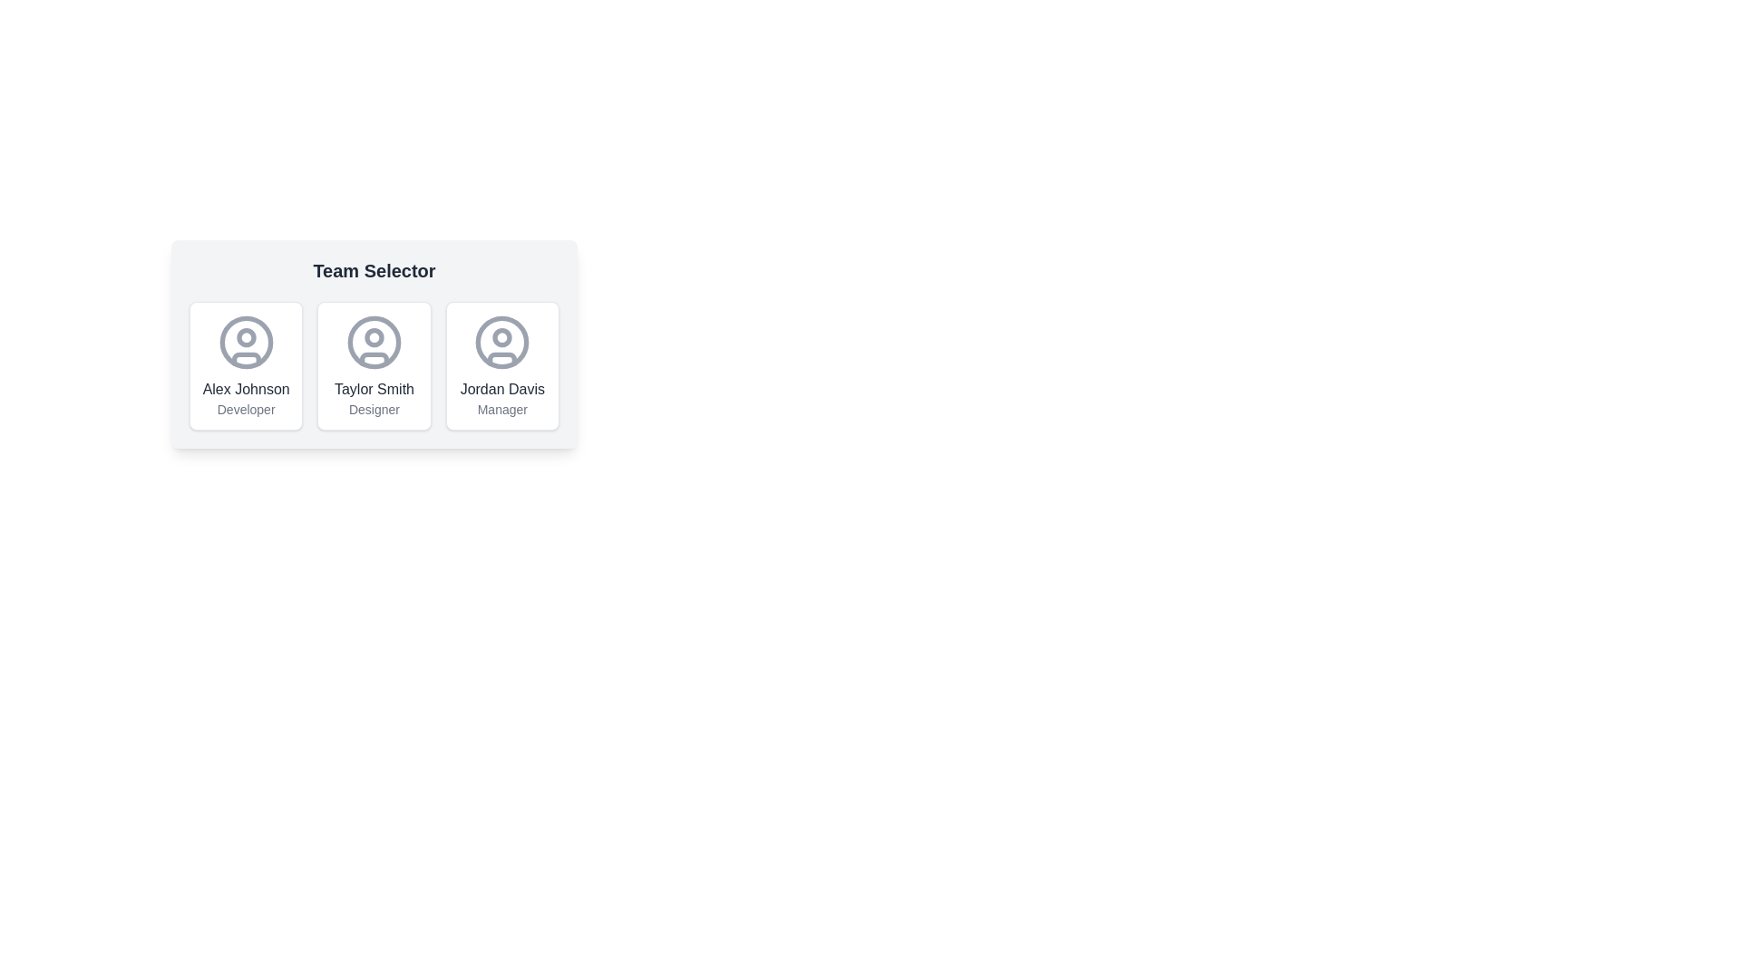  I want to click on the circular boundary icon of the user profile representing 'Jordan Davis', Manager, so click(502, 343).